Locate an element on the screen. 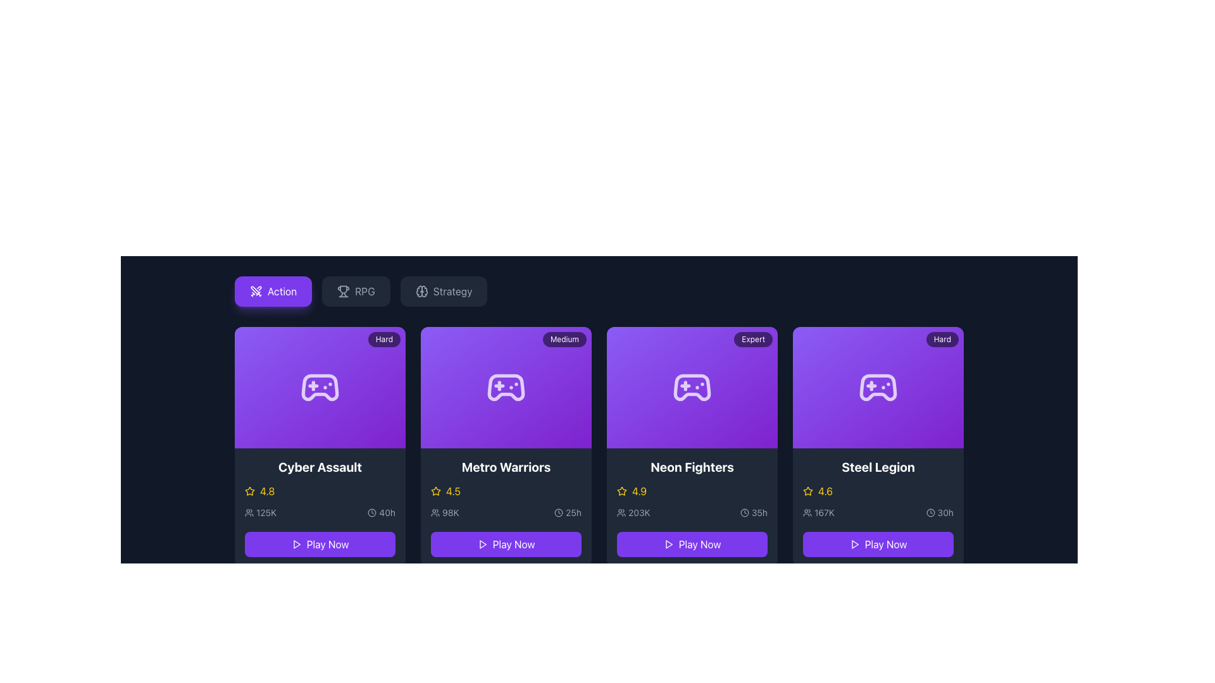  the small play icon, which is part of the 'Play Now' button group in the Steel Legion card is located at coordinates (854, 543).